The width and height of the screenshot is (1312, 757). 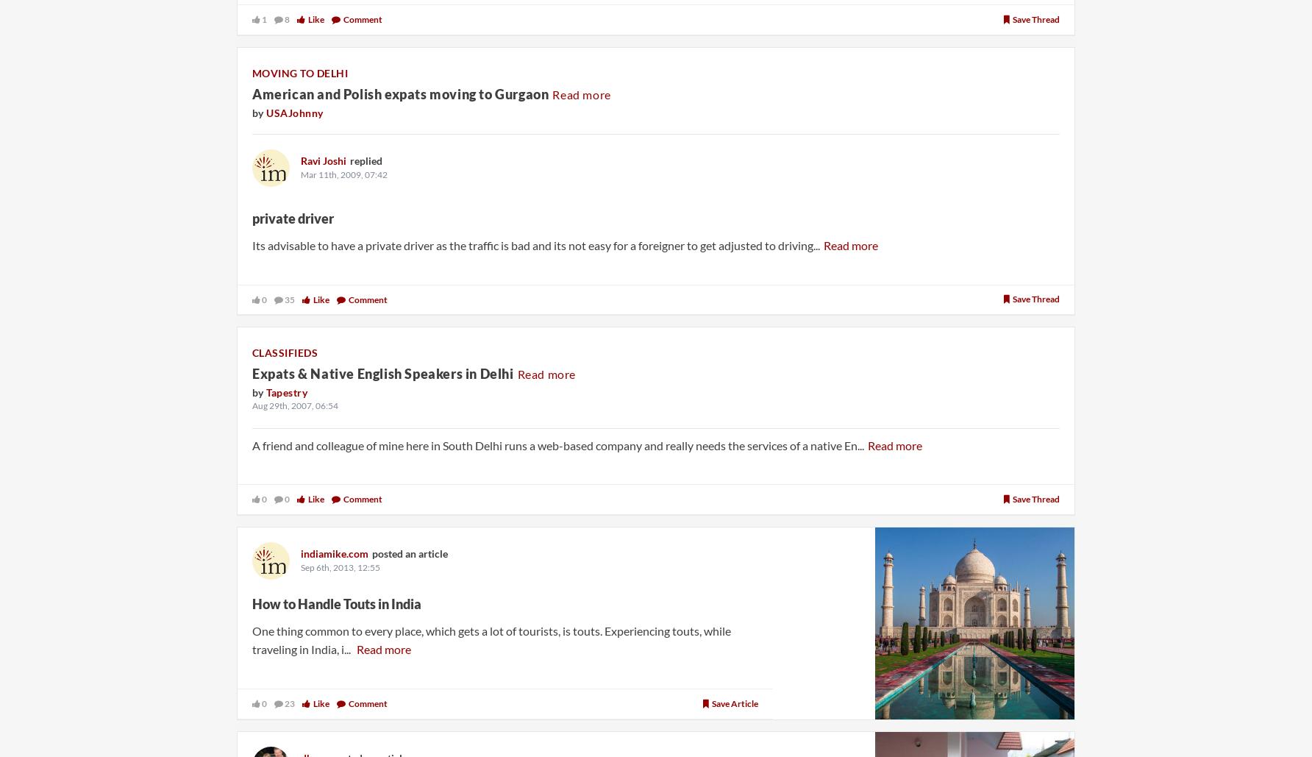 What do you see at coordinates (735, 703) in the screenshot?
I see `'Save article'` at bounding box center [735, 703].